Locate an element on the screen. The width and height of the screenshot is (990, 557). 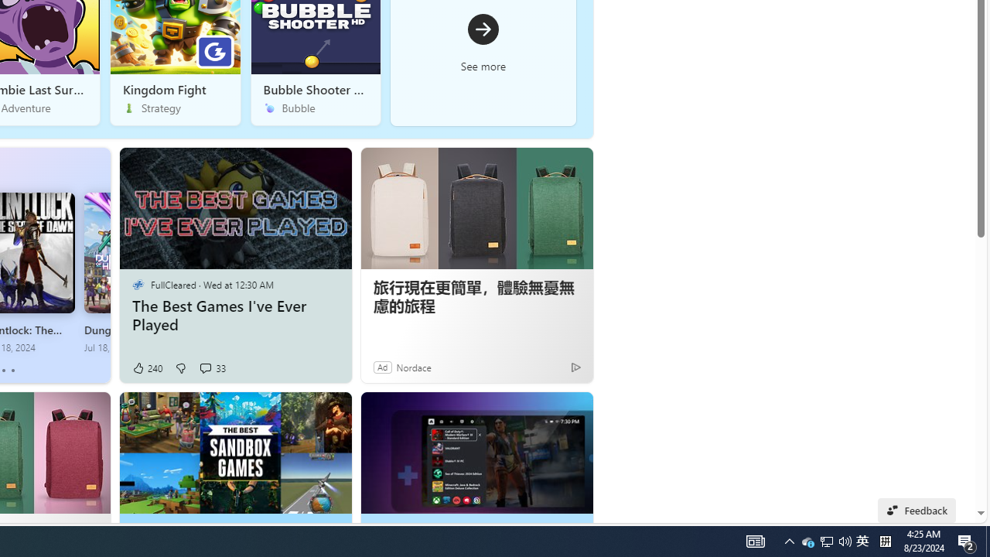
'View comments 33 Comment' is located at coordinates (211, 367).